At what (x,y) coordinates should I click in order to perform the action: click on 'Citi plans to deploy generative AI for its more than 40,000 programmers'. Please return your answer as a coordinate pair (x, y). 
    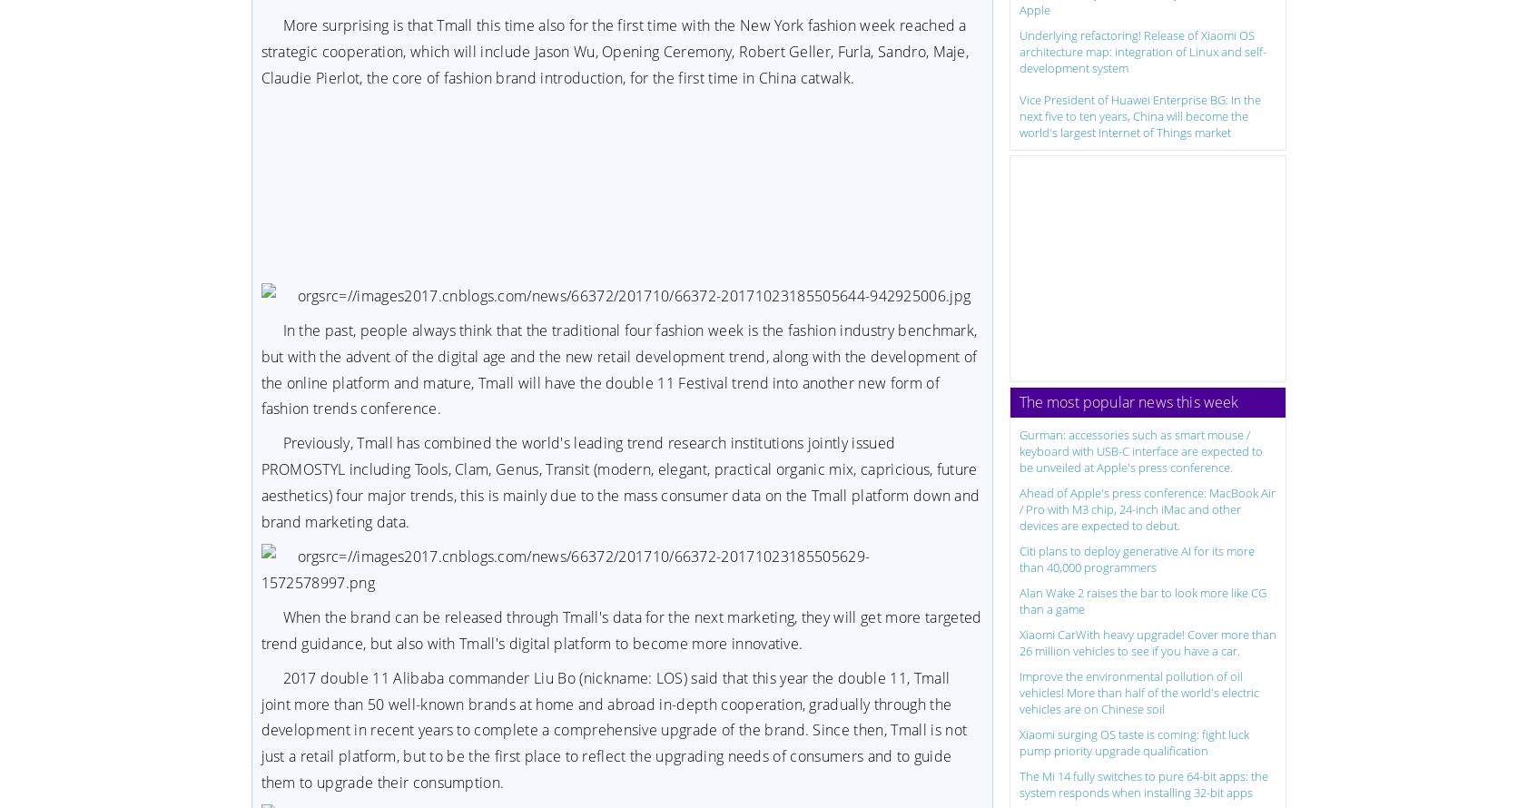
    Looking at the image, I should click on (1136, 557).